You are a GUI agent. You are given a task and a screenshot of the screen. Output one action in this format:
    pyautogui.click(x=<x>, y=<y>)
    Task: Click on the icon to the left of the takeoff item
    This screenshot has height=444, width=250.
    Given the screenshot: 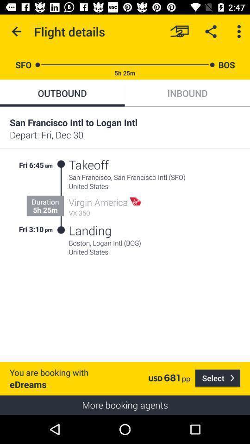 What is the action you would take?
    pyautogui.click(x=61, y=197)
    